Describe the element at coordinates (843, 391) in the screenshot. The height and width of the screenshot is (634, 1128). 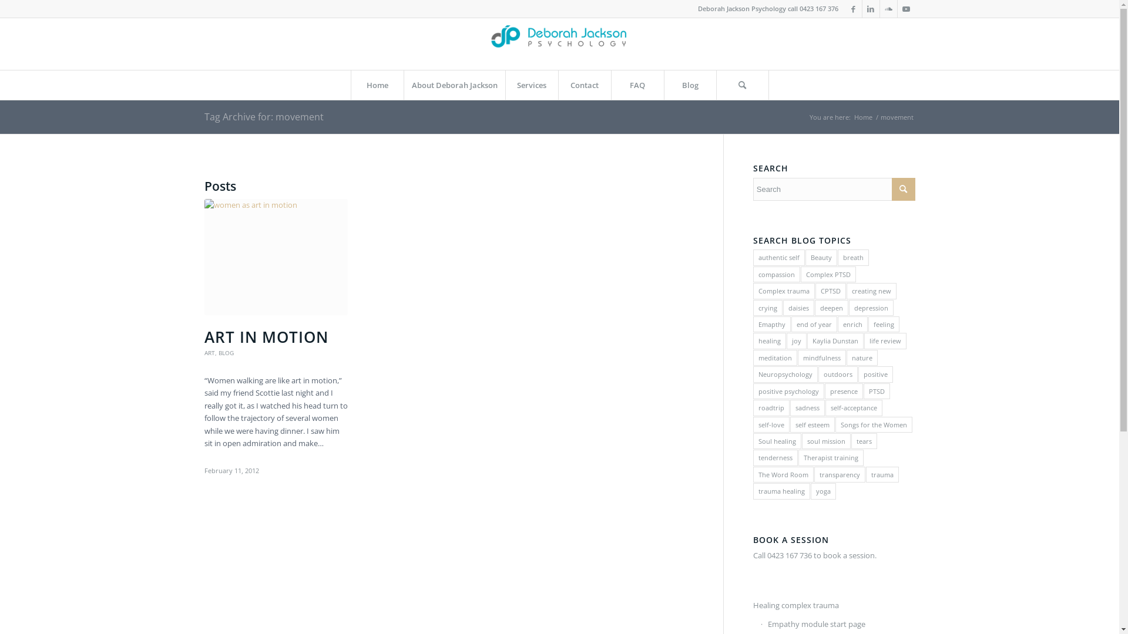
I see `'presence'` at that location.